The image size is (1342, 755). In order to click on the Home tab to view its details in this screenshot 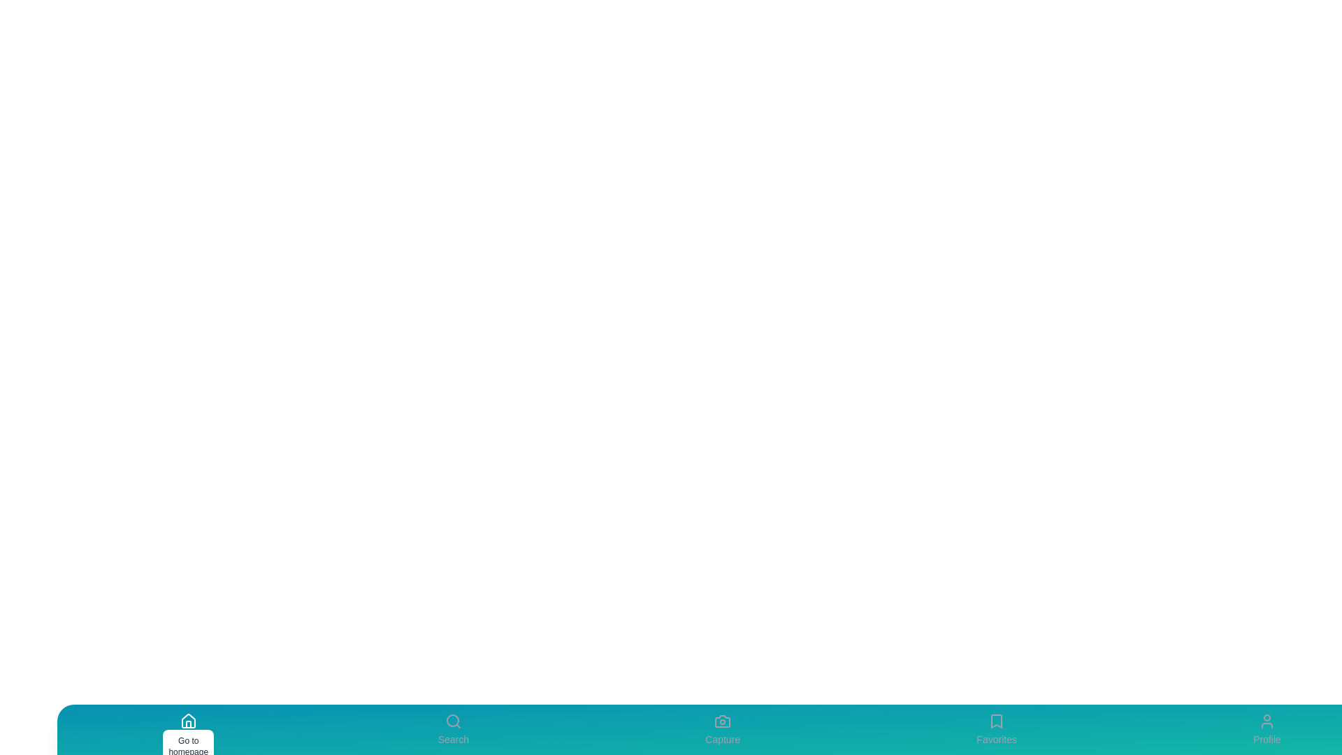, I will do `click(187, 729)`.